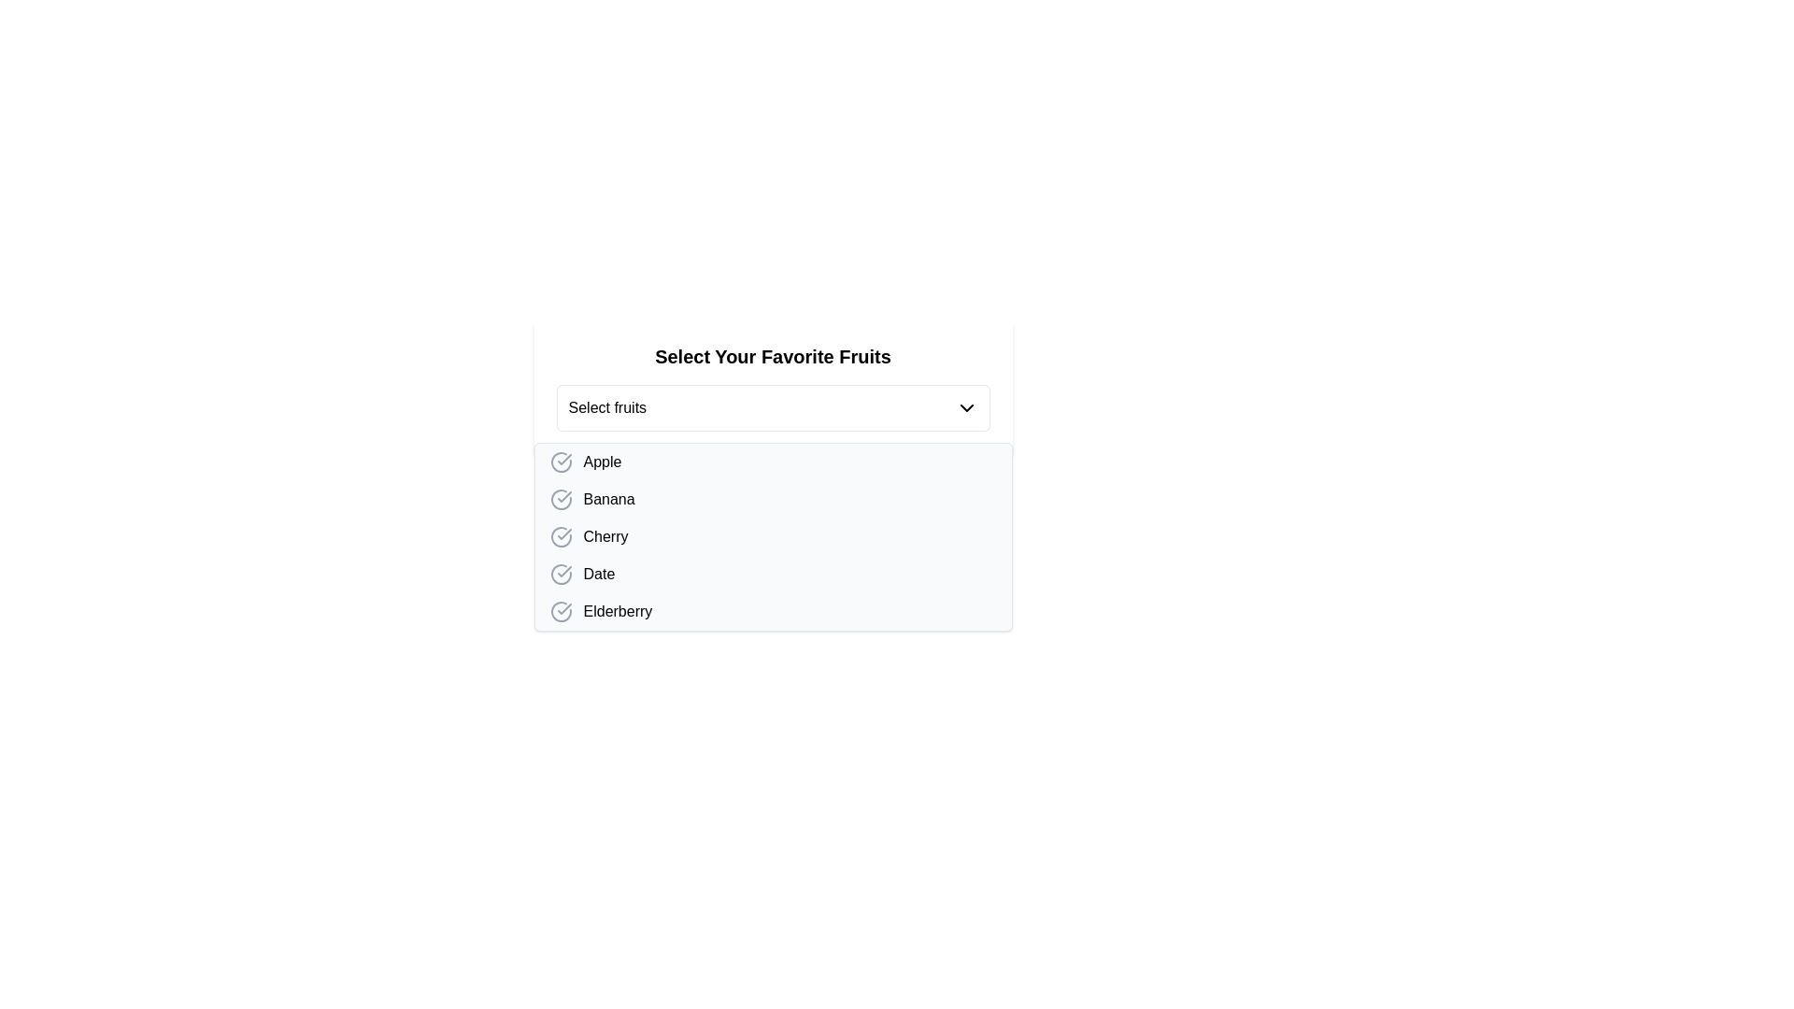  I want to click on the Check icon indicating the selected option 'Cherry' in the list of fruits, so click(563, 533).